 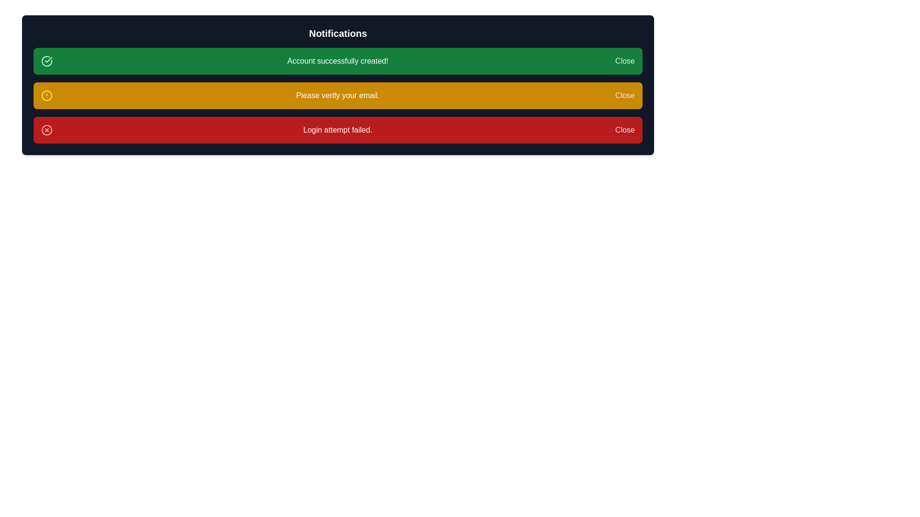 What do you see at coordinates (338, 61) in the screenshot?
I see `the feedback message text label in the green notification bar that indicates successful account creation, which is aligned to the left of the 'Close' button` at bounding box center [338, 61].